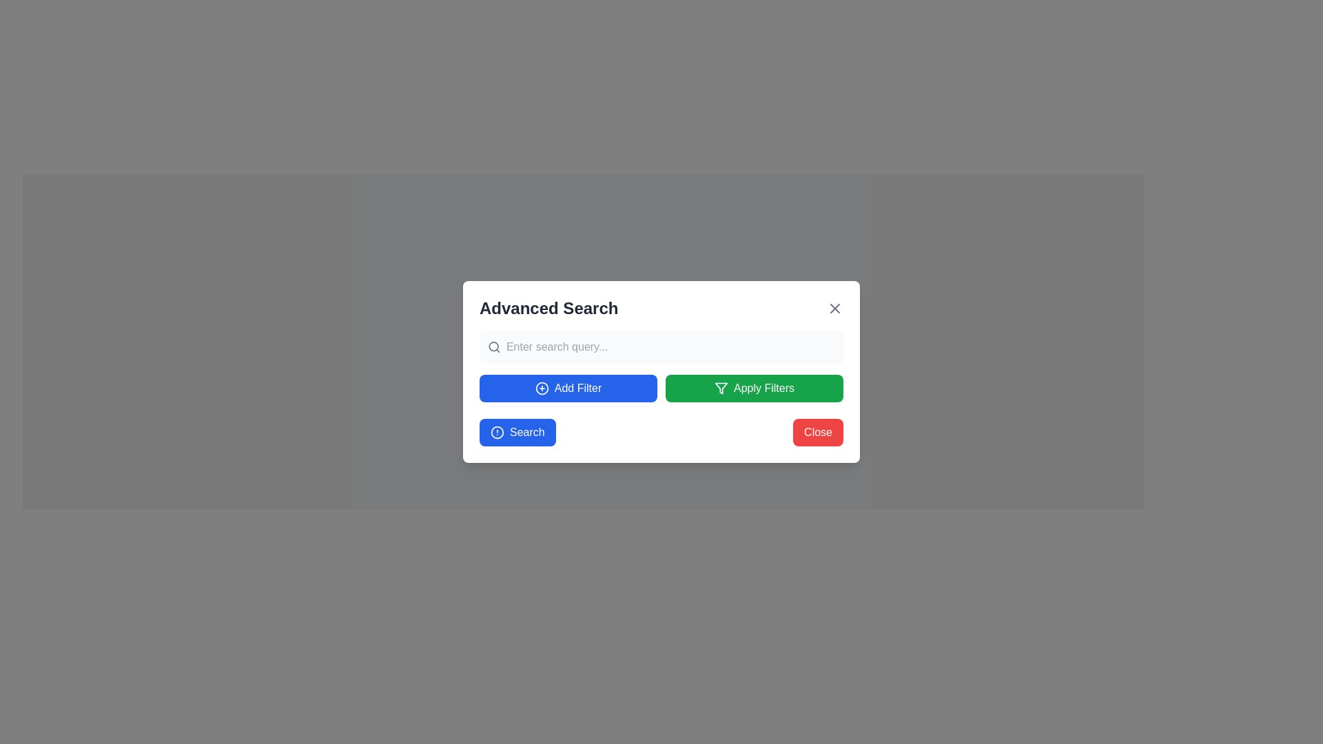 This screenshot has height=744, width=1323. I want to click on the SVG icon on the left side of the blue 'Add Filter' button, so click(541, 388).